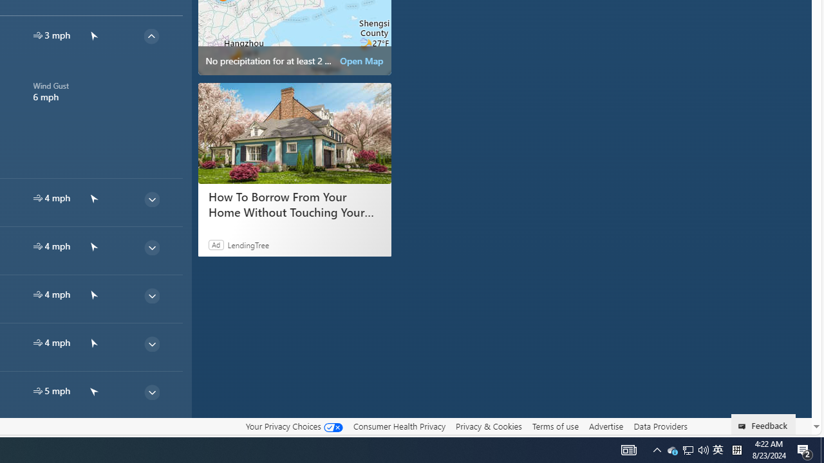 The width and height of the screenshot is (824, 463). What do you see at coordinates (555, 426) in the screenshot?
I see `'Terms of use'` at bounding box center [555, 426].